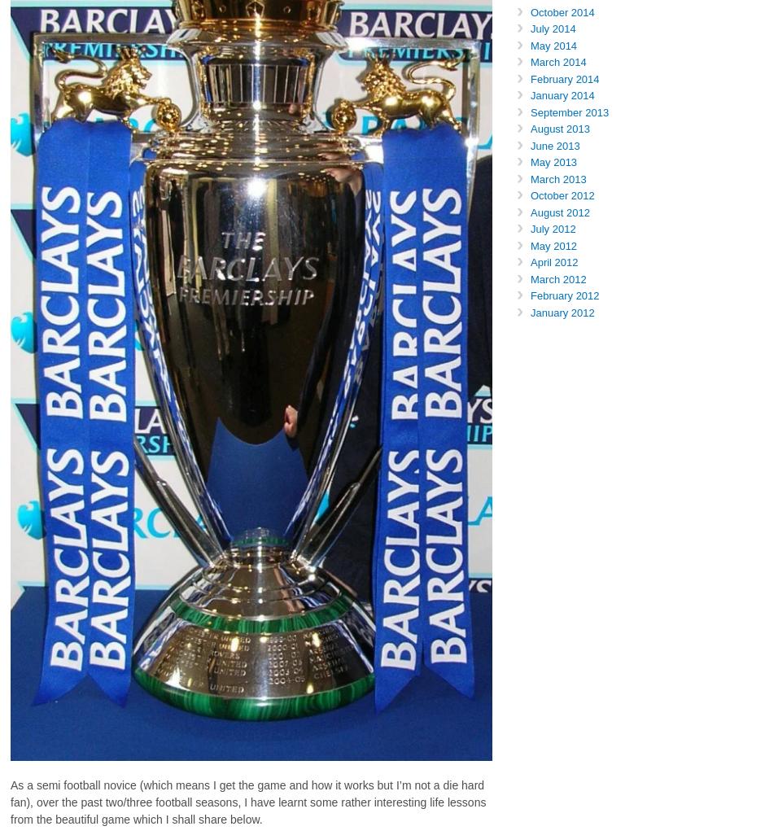  Describe the element at coordinates (557, 278) in the screenshot. I see `'March 2012'` at that location.